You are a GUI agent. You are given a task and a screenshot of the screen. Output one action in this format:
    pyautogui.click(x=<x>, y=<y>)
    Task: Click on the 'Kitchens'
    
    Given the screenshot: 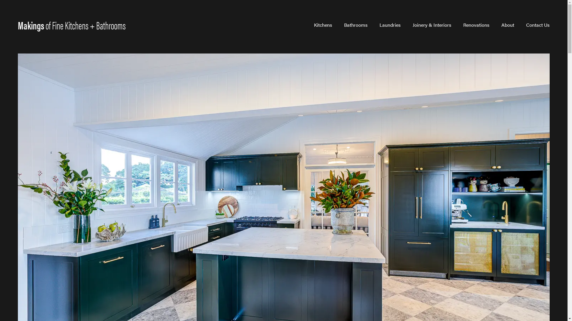 What is the action you would take?
    pyautogui.click(x=323, y=25)
    